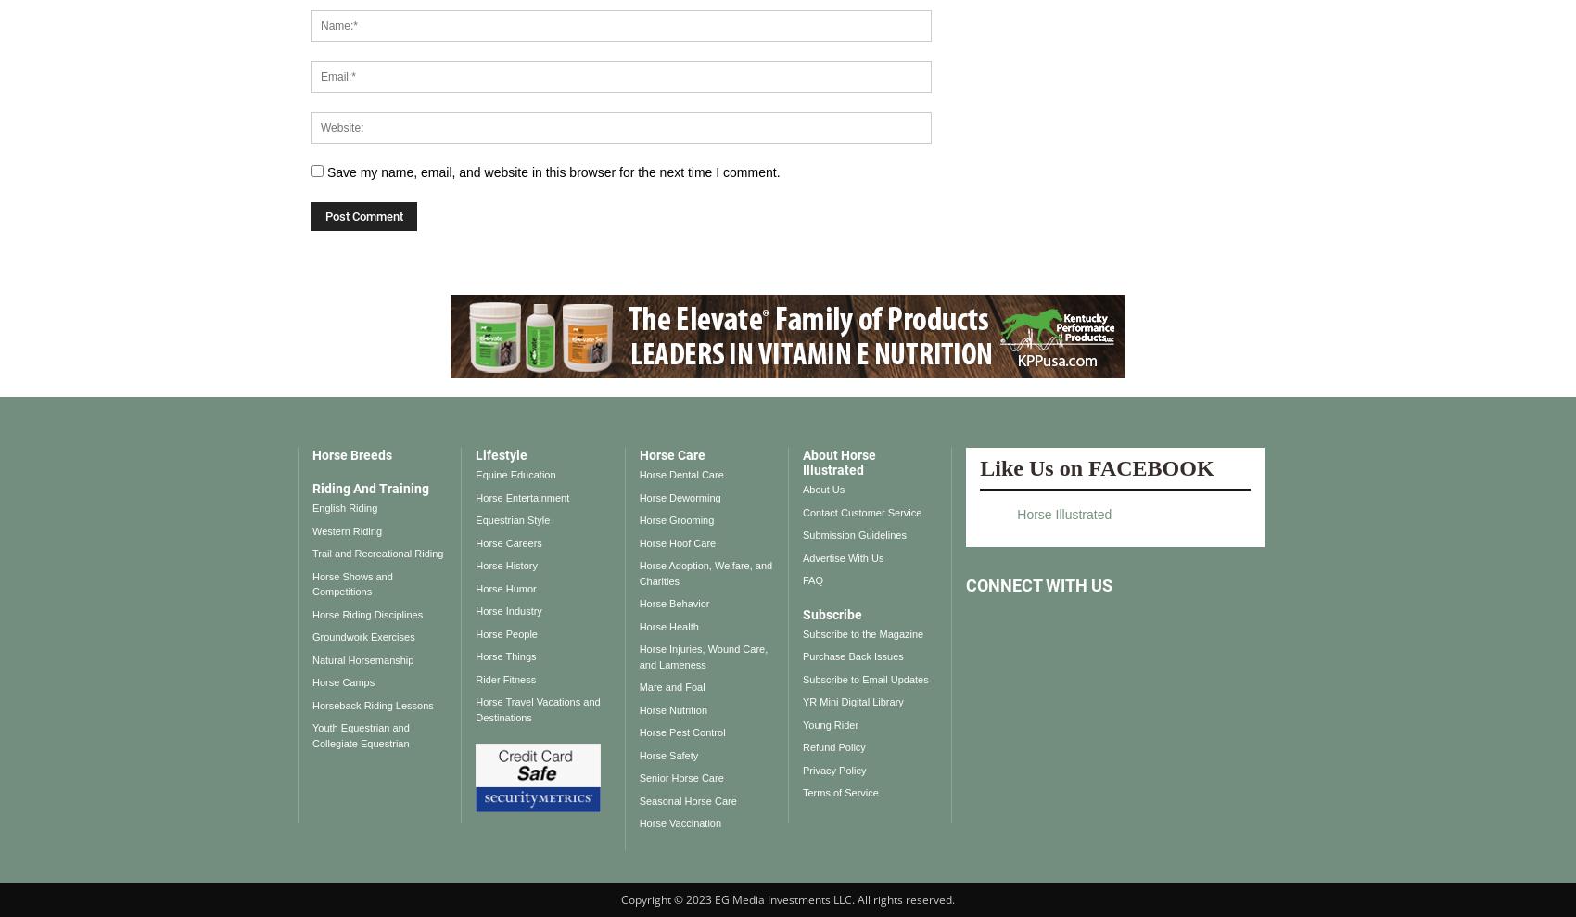  What do you see at coordinates (1096, 467) in the screenshot?
I see `'Like Us on FACEBOOK'` at bounding box center [1096, 467].